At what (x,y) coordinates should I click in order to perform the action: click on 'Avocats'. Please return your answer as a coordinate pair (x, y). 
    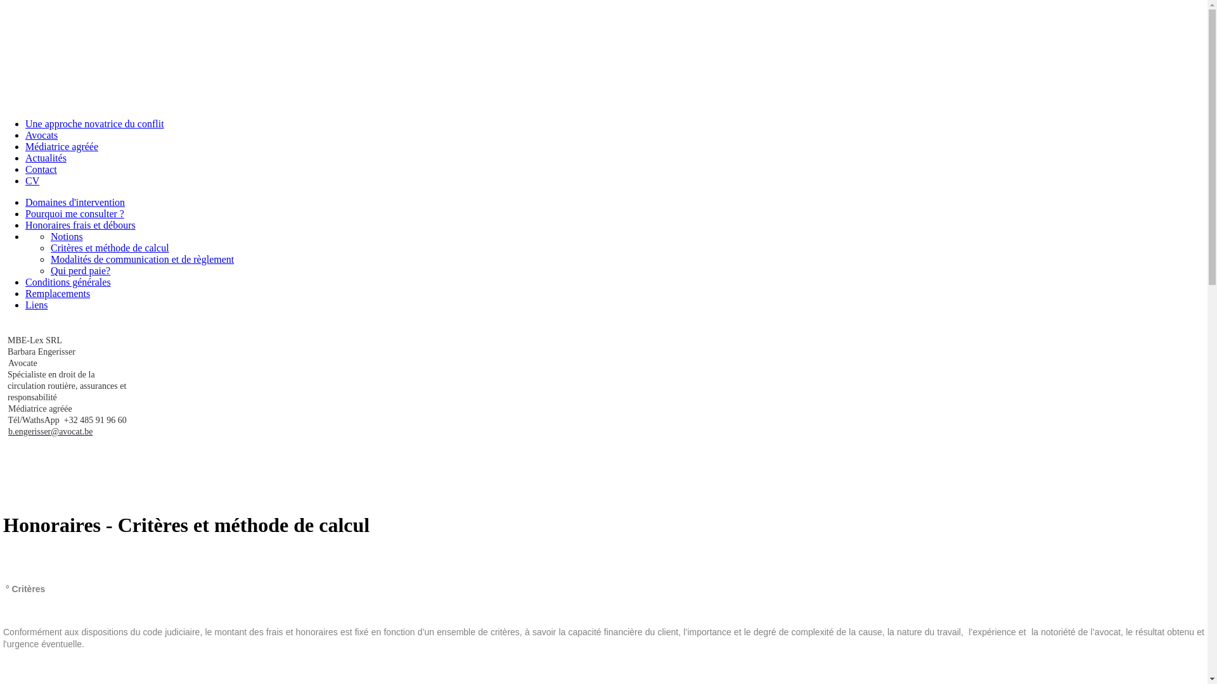
    Looking at the image, I should click on (41, 135).